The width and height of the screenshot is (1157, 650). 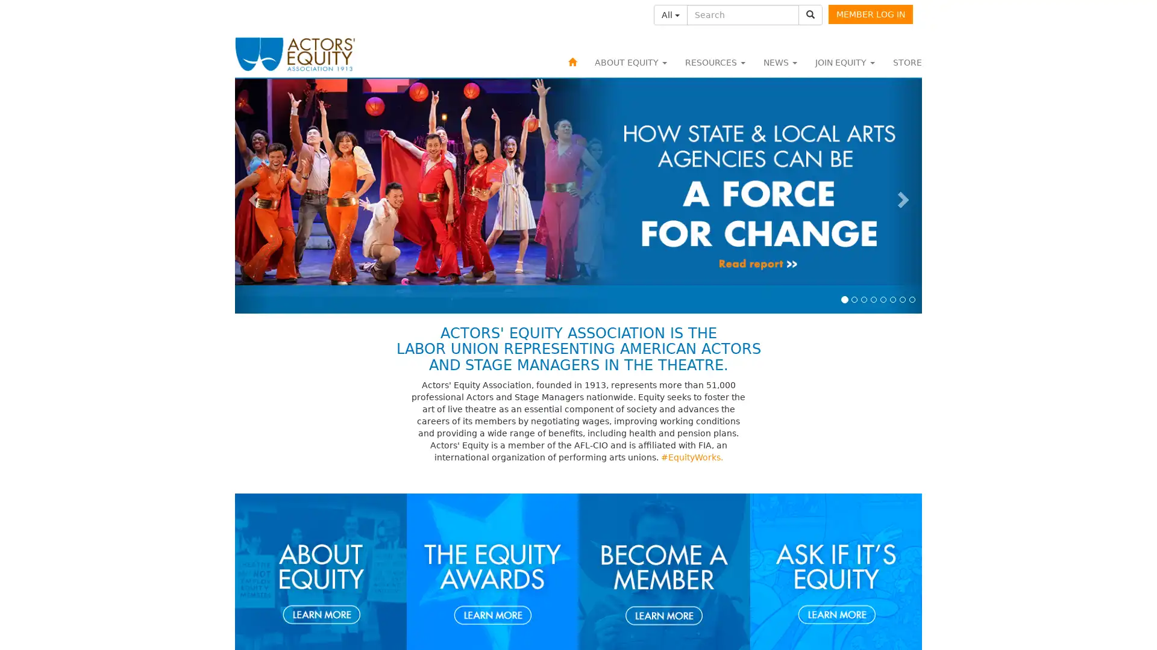 I want to click on Search, so click(x=810, y=14).